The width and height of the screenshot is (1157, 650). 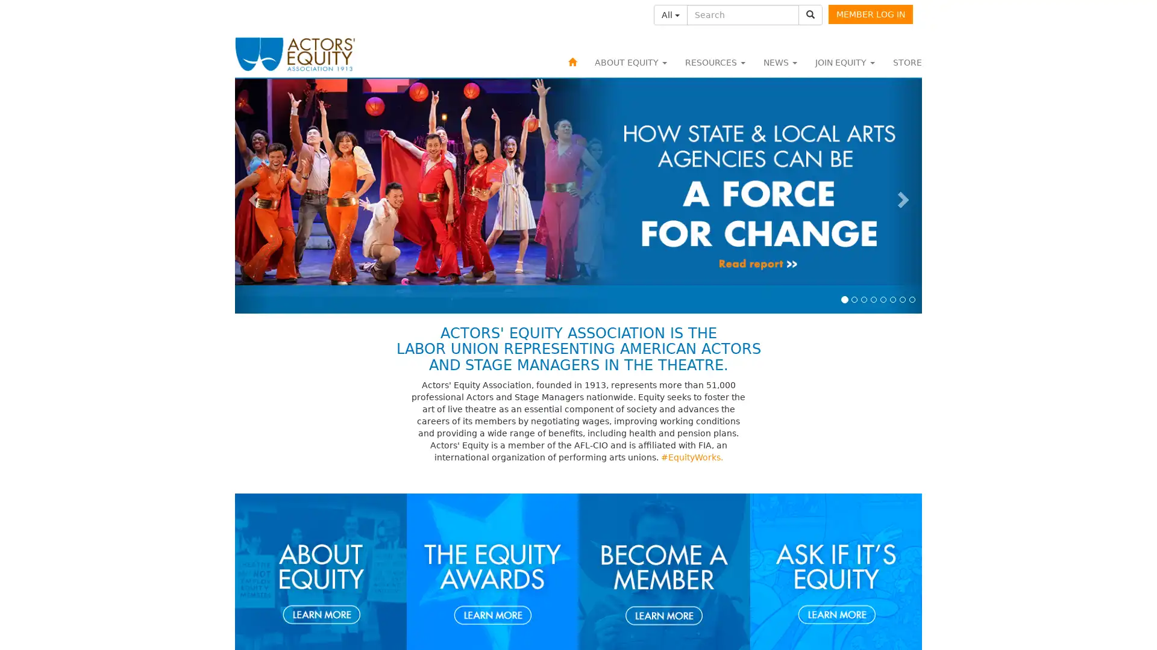 I want to click on Search, so click(x=810, y=14).